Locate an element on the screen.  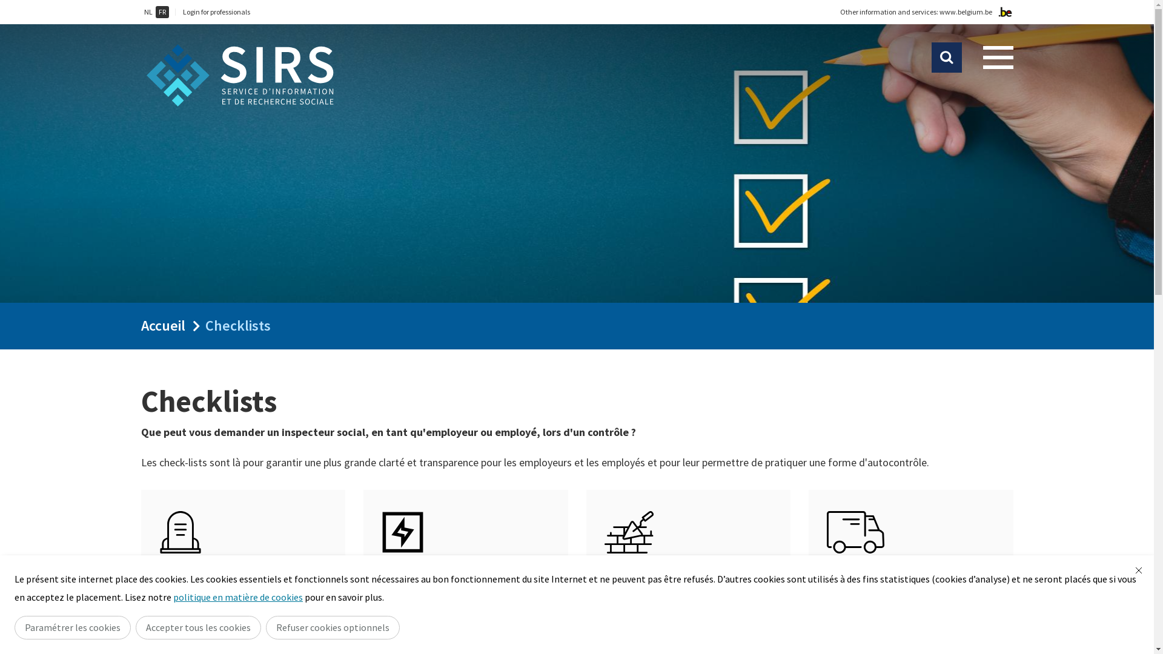
'www.belgium.be' is located at coordinates (965, 12).